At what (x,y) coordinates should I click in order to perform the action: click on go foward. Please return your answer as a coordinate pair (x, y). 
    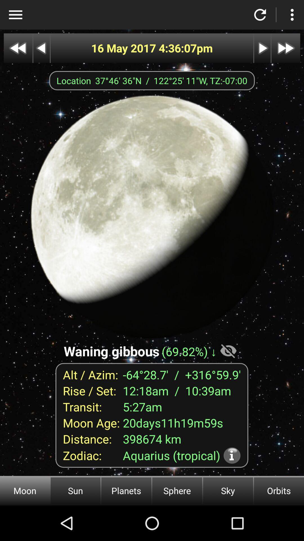
    Looking at the image, I should click on (286, 48).